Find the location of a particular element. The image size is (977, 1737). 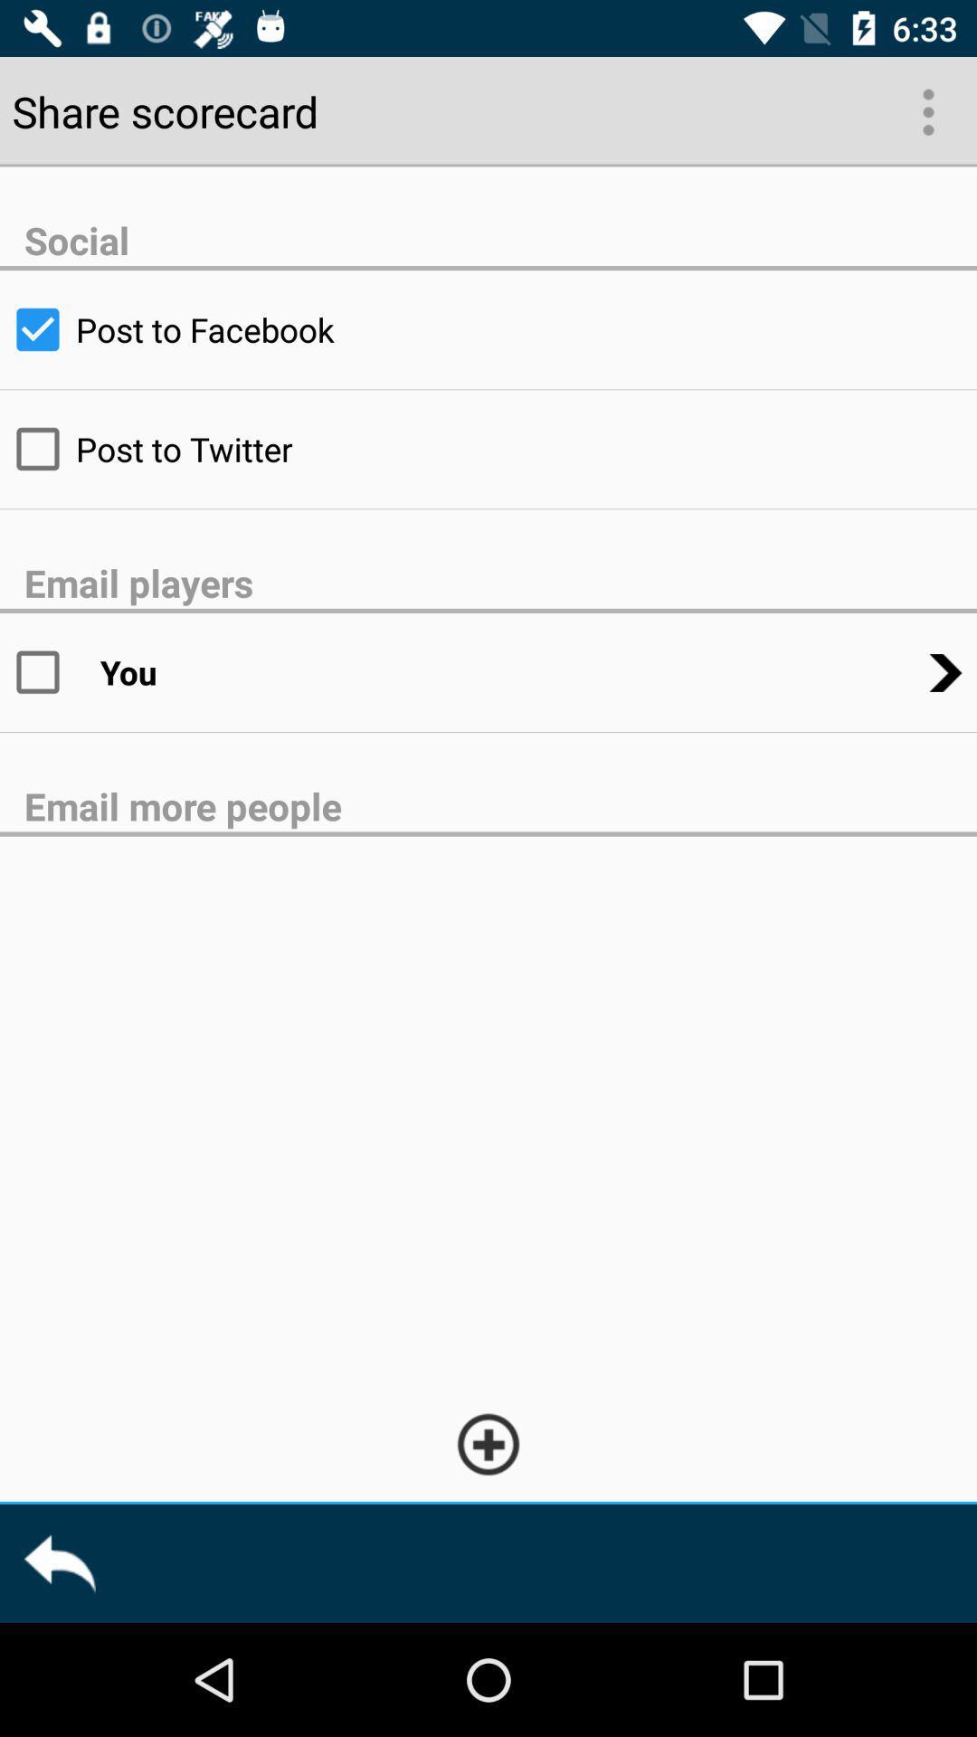

yourself to email is located at coordinates (49, 671).